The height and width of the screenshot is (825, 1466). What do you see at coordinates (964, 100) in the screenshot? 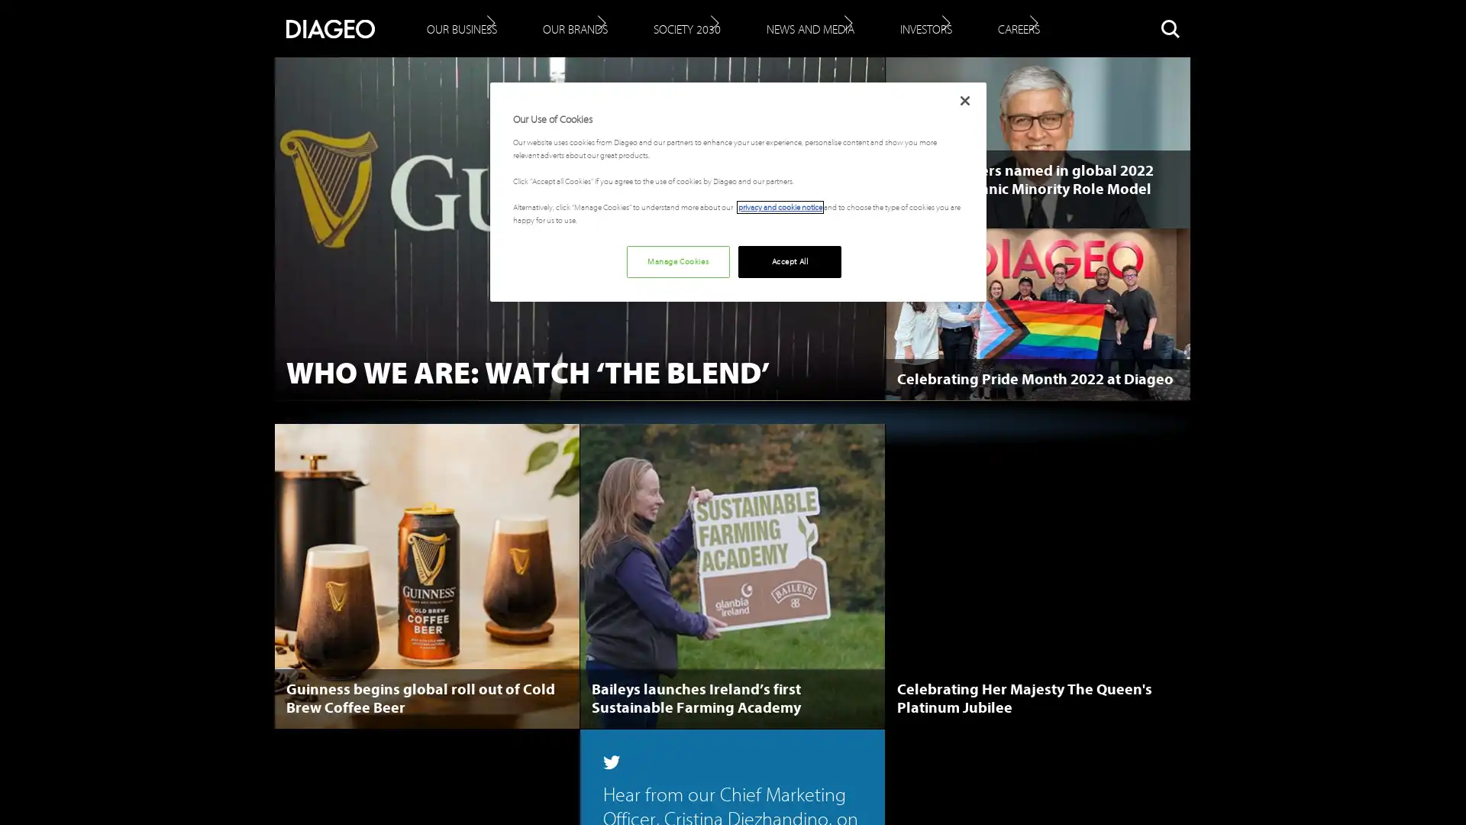
I see `Close` at bounding box center [964, 100].